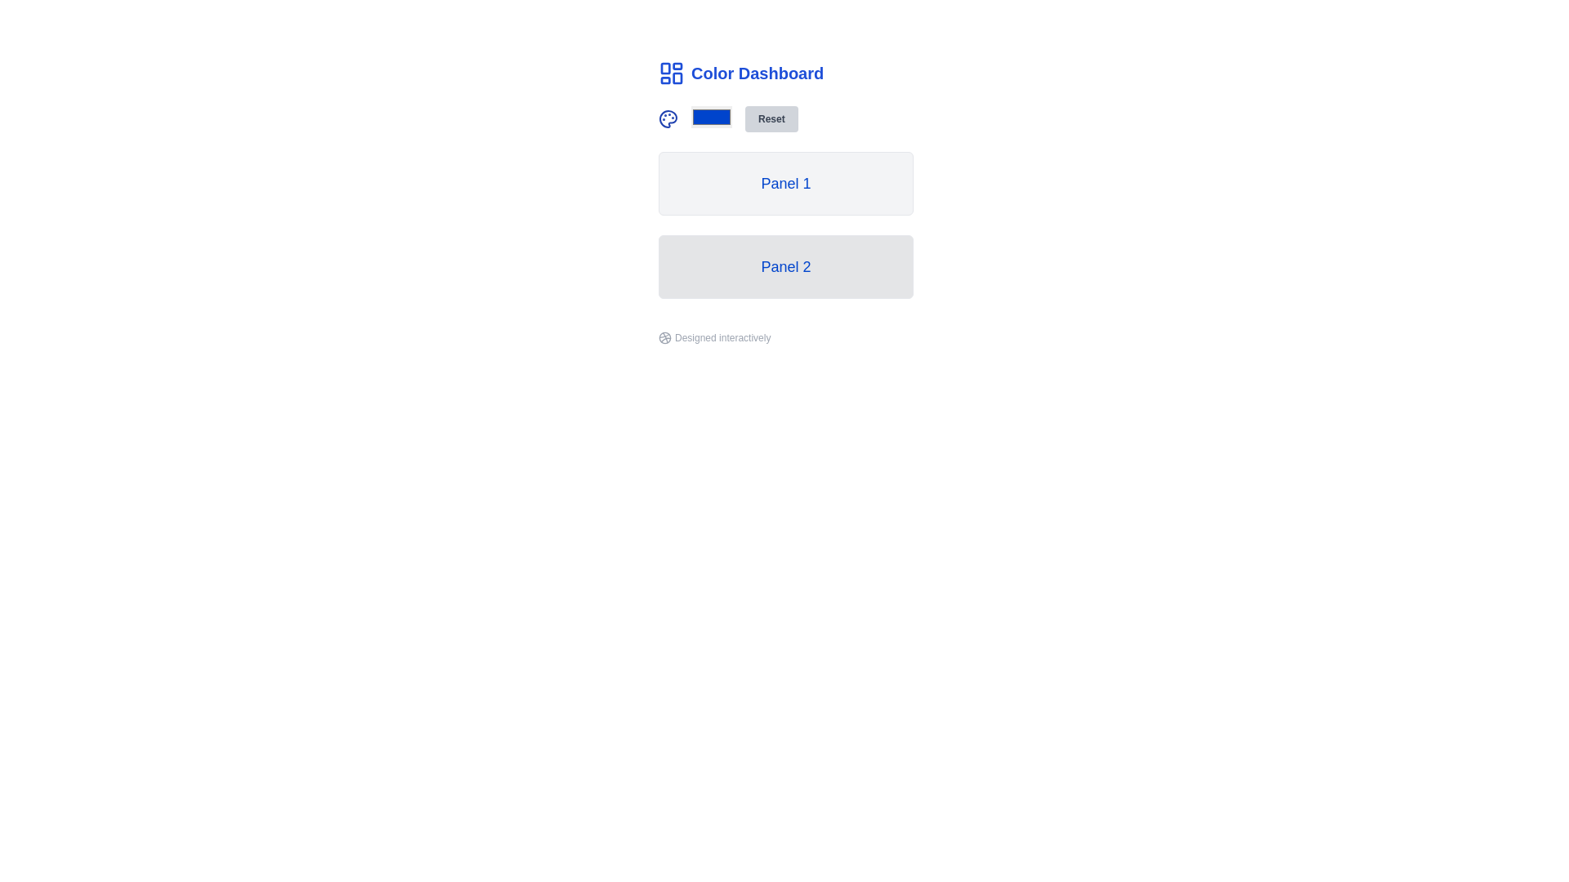  I want to click on the text element labeled 'Panel 2', which is styled with a large blue font and is centered within a light gray background, located below 'Panel 1', so click(785, 266).